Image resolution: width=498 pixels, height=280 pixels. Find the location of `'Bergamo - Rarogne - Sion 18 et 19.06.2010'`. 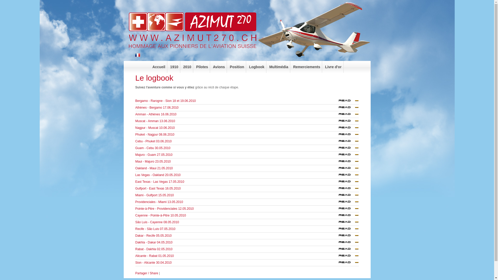

'Bergamo - Rarogne - Sion 18 et 19.06.2010' is located at coordinates (347, 102).